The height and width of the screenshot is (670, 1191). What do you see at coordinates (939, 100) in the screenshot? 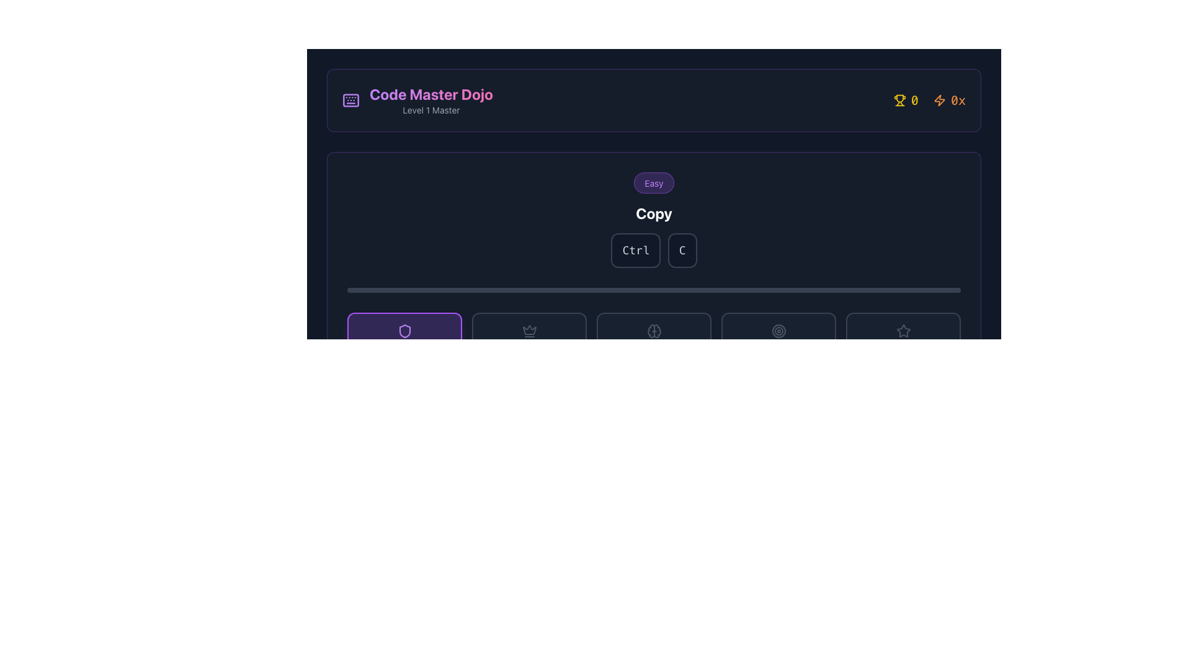
I see `the small orange lightning bolt icon located at the top-right section of the user interface, positioned to the left of the '0x' text label and near the trophy icon` at bounding box center [939, 100].